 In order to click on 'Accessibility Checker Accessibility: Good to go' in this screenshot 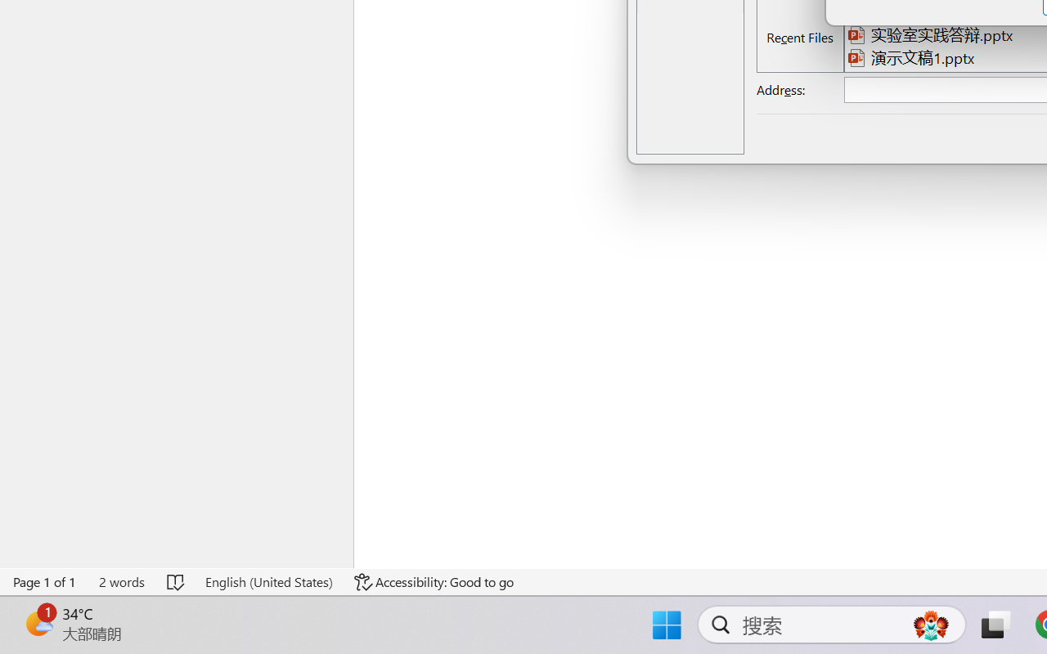, I will do `click(434, 581)`.